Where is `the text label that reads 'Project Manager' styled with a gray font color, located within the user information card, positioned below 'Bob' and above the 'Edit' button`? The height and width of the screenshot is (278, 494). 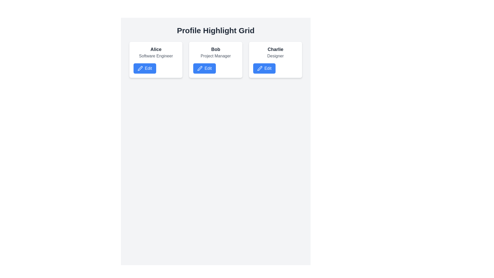
the text label that reads 'Project Manager' styled with a gray font color, located within the user information card, positioned below 'Bob' and above the 'Edit' button is located at coordinates (216, 56).